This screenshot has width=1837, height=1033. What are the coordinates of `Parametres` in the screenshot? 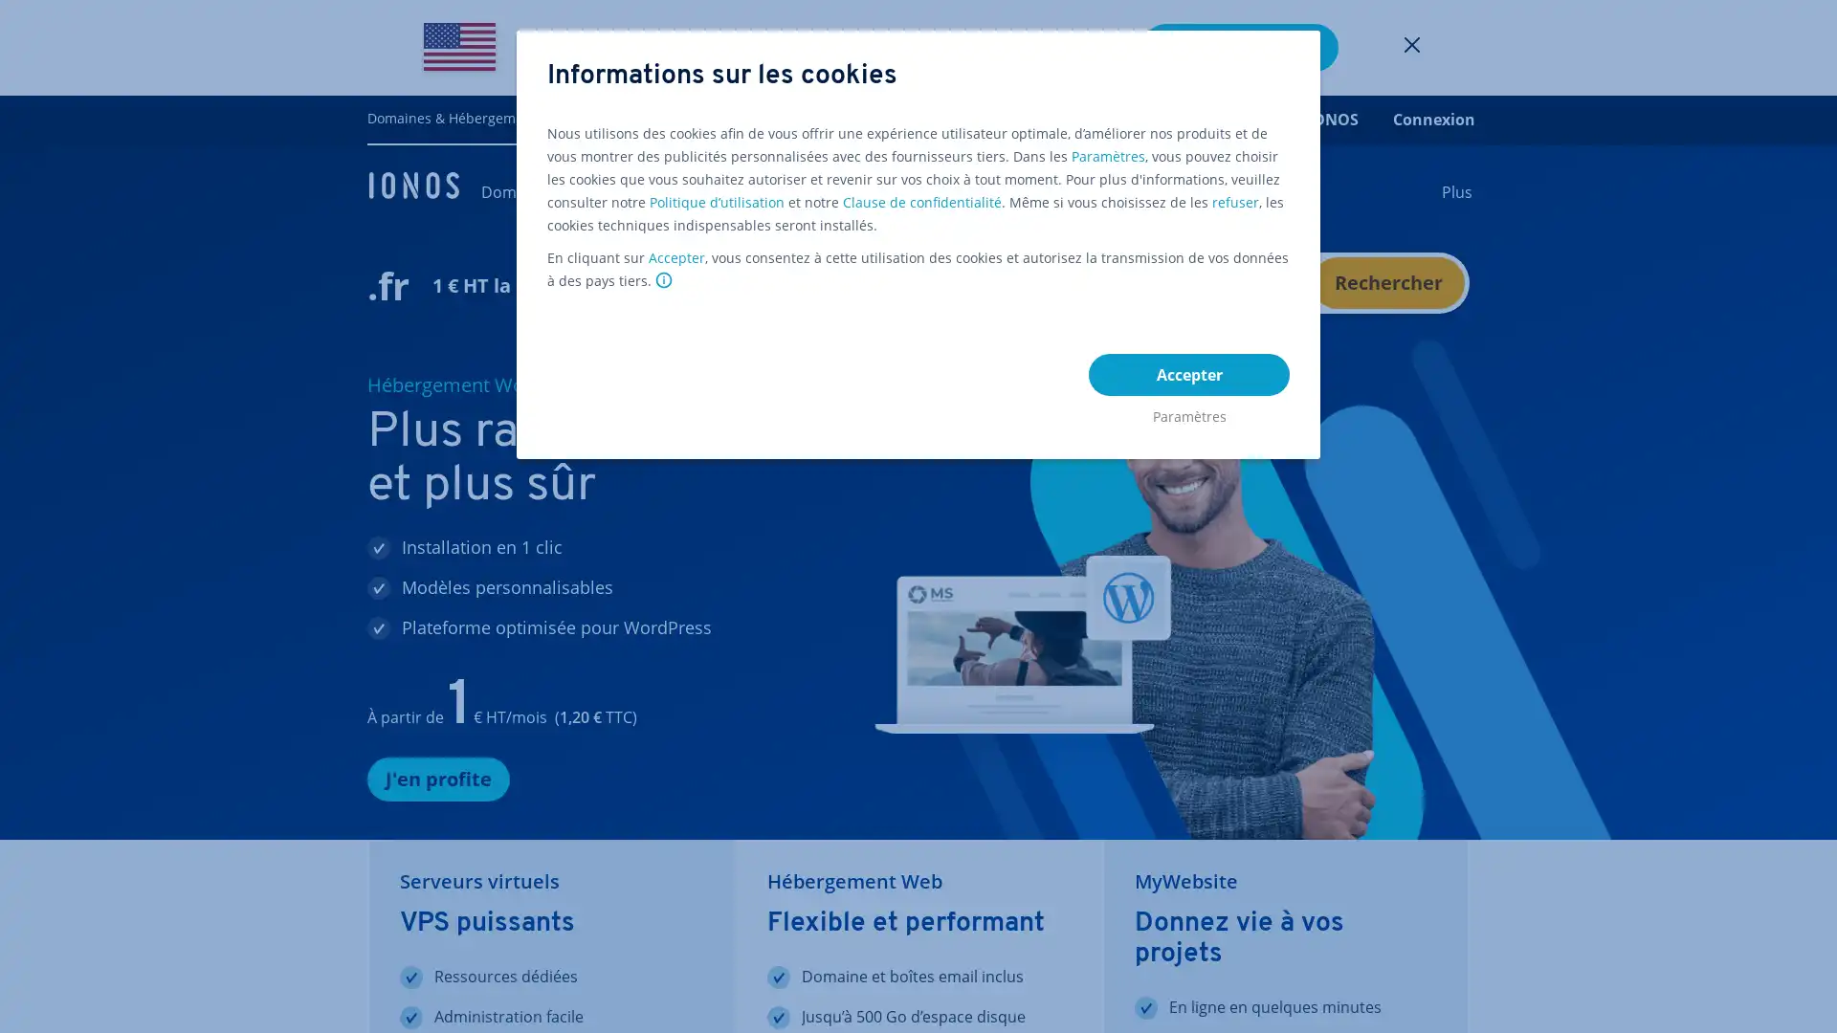 It's located at (1188, 411).